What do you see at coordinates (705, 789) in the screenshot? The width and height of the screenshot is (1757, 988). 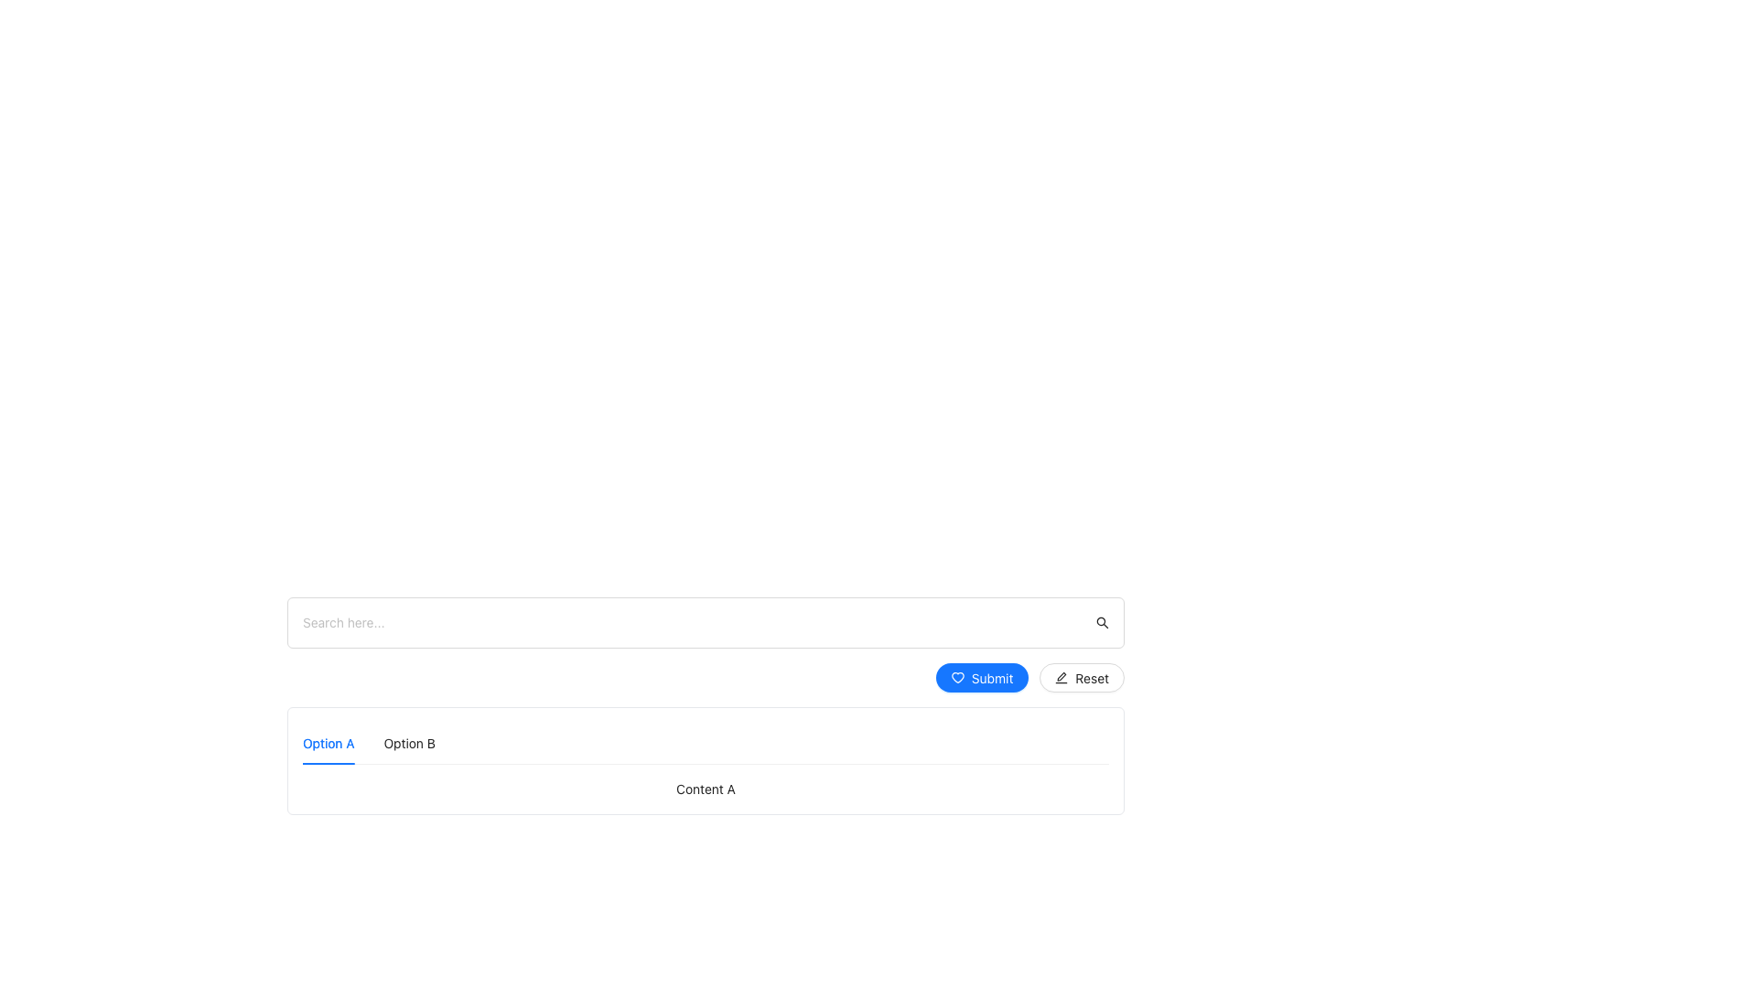 I see `the rectangular component labeled 'Content A' positioned below the active tab 'Option A'` at bounding box center [705, 789].